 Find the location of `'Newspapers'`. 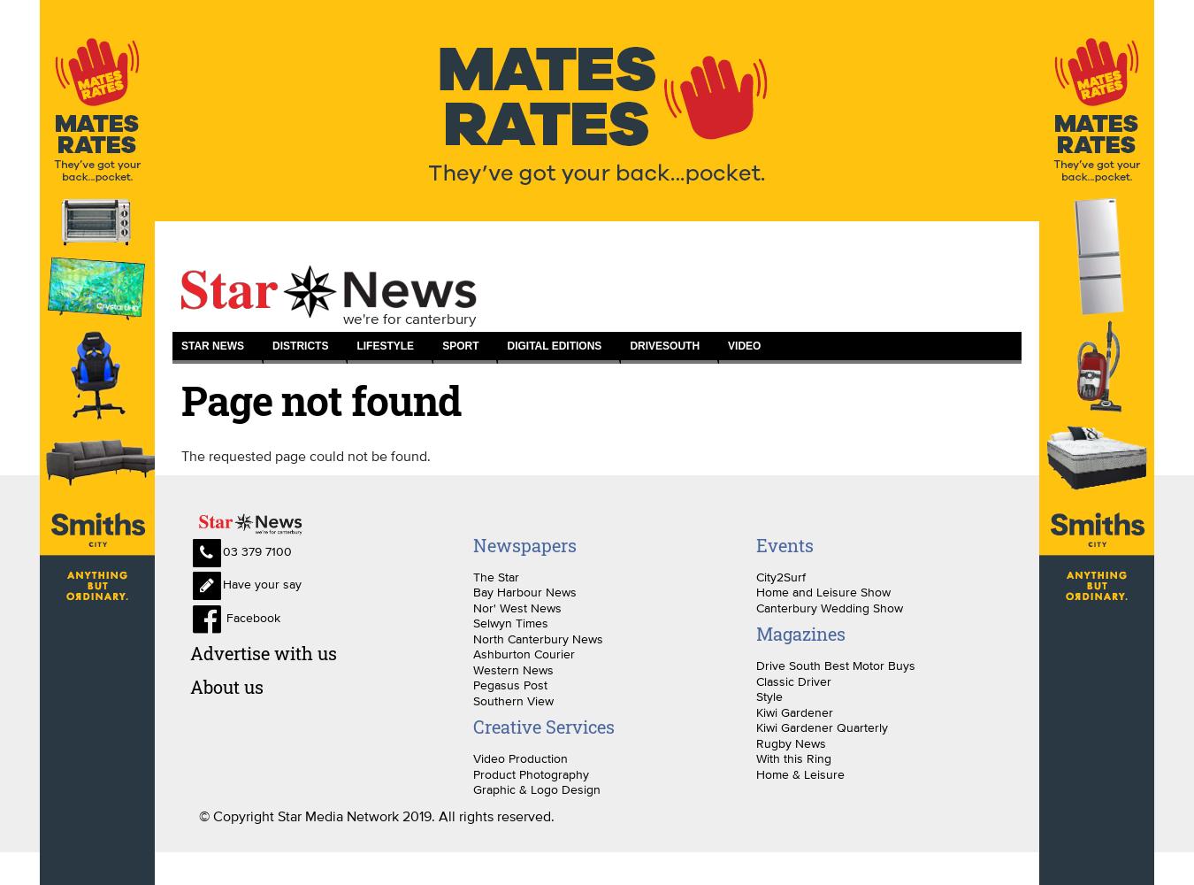

'Newspapers' is located at coordinates (524, 543).